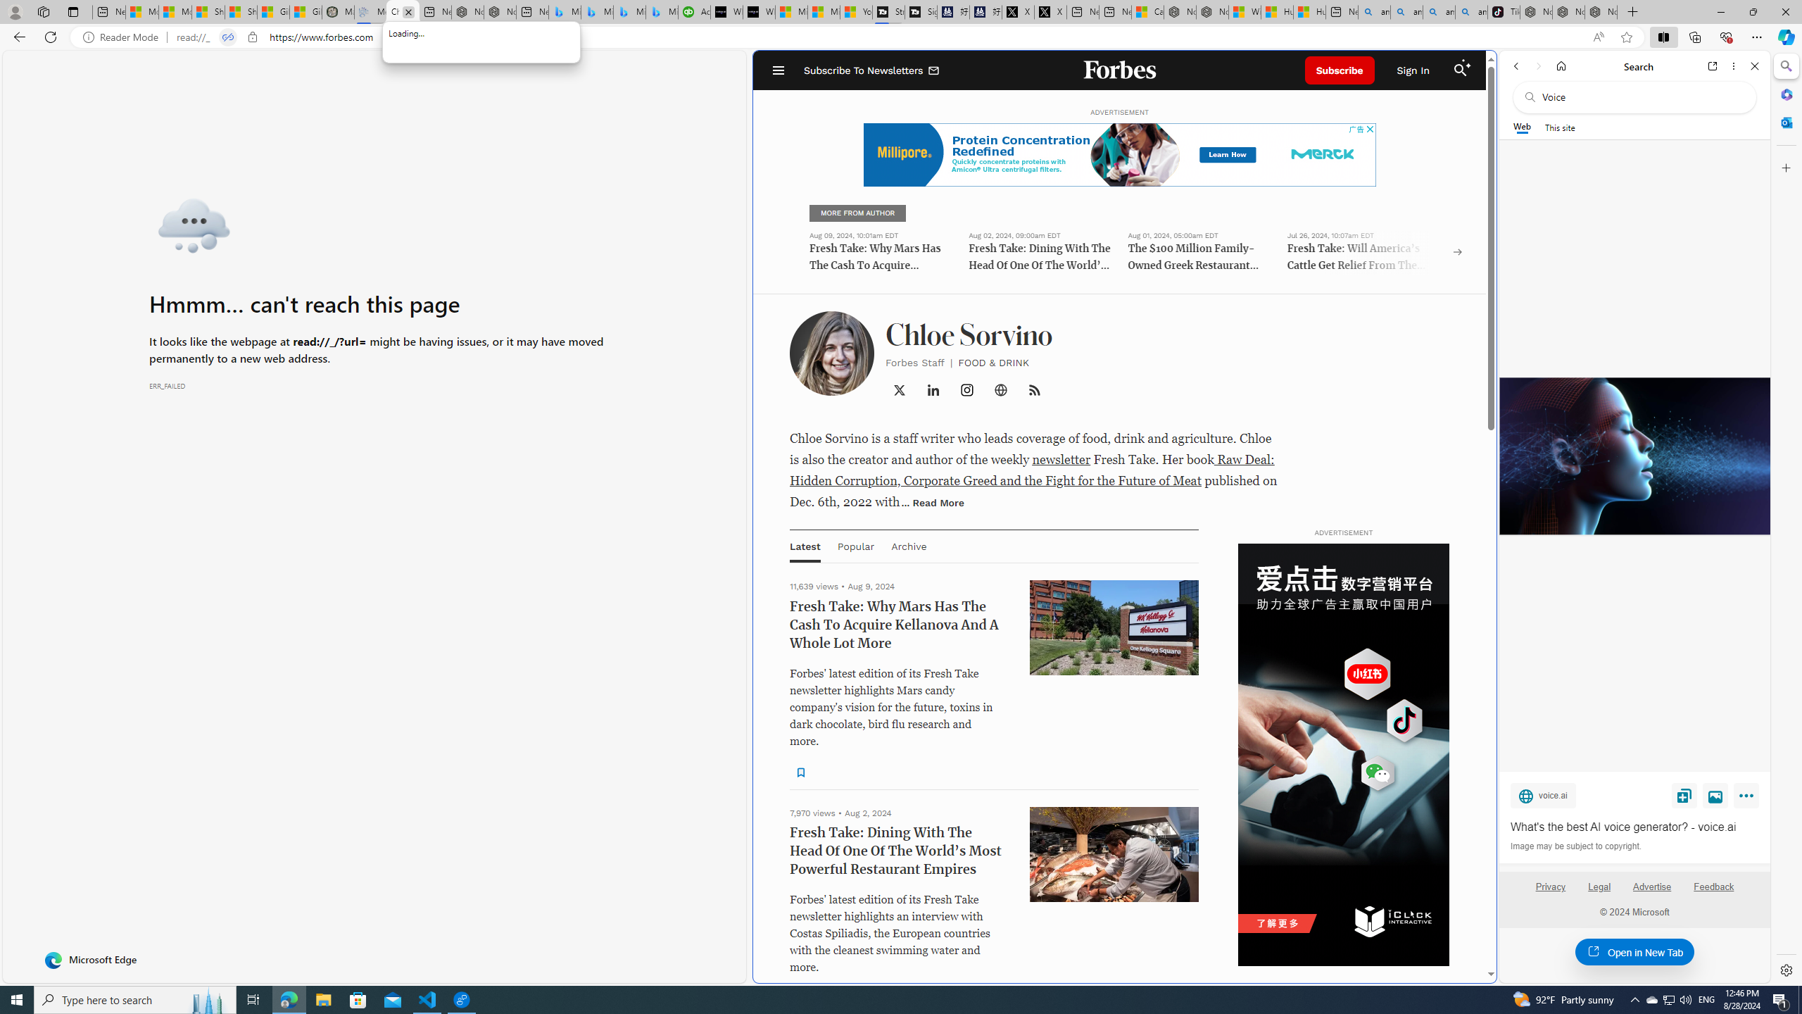  I want to click on 'Open in New Tab', so click(1635, 951).